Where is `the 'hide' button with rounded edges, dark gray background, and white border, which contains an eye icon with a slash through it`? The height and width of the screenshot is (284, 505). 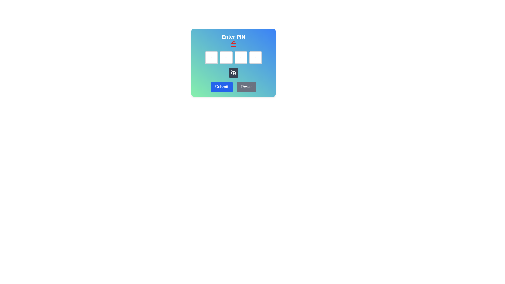
the 'hide' button with rounded edges, dark gray background, and white border, which contains an eye icon with a slash through it is located at coordinates (233, 73).